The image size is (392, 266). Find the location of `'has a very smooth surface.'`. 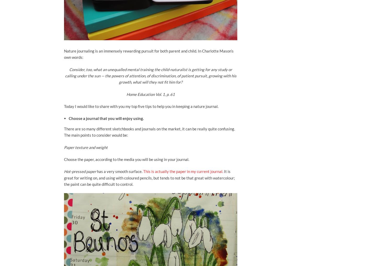

'has a very smooth surface.' is located at coordinates (96, 171).